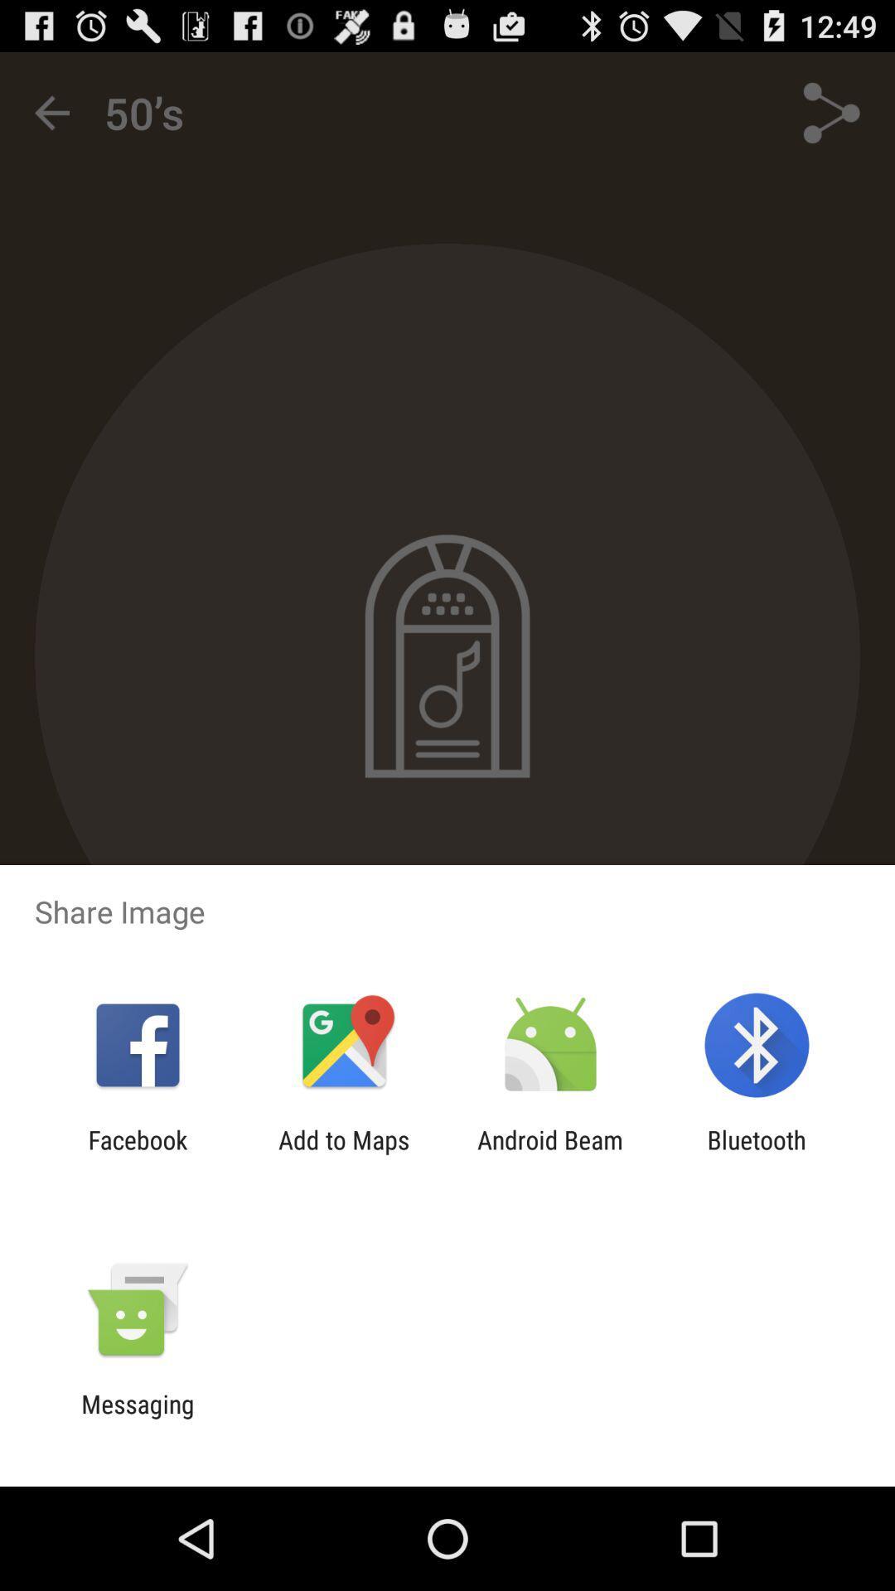 This screenshot has width=895, height=1591. Describe the element at coordinates (550, 1153) in the screenshot. I see `the android beam icon` at that location.